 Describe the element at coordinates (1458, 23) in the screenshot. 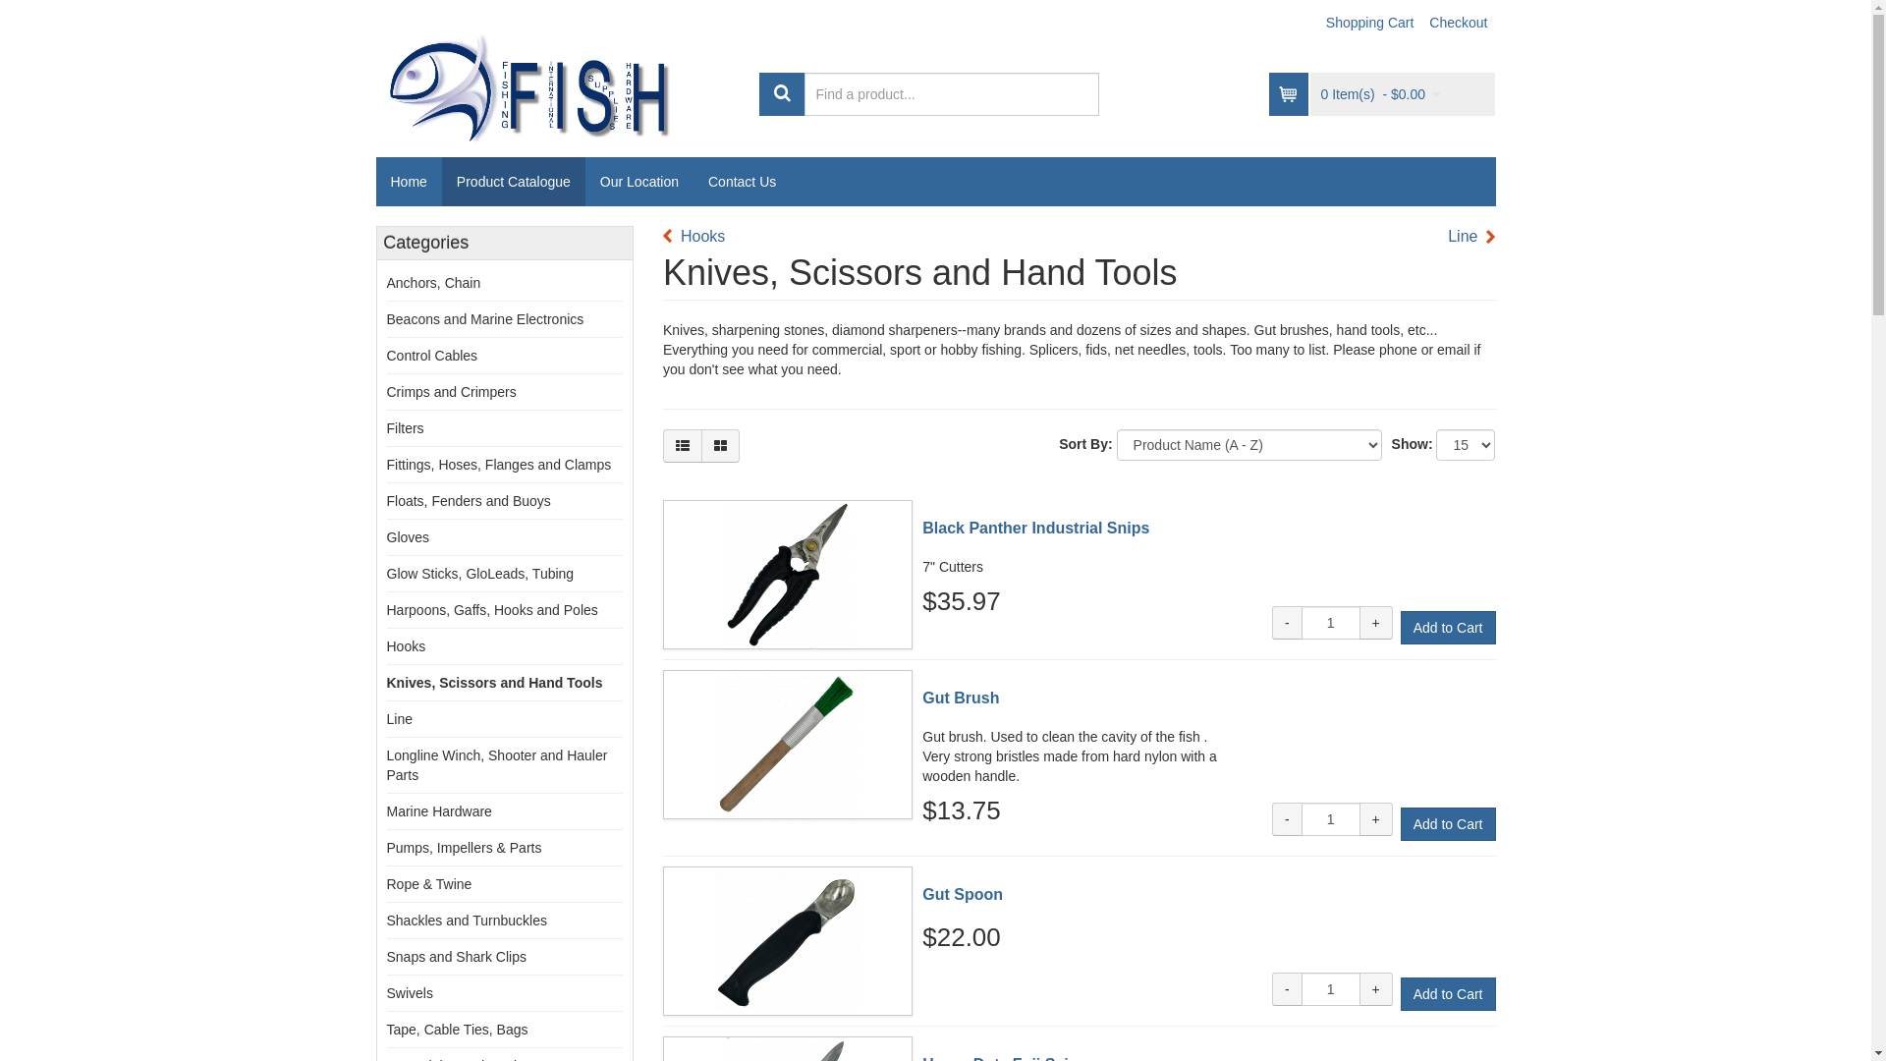

I see `'Checkout'` at that location.